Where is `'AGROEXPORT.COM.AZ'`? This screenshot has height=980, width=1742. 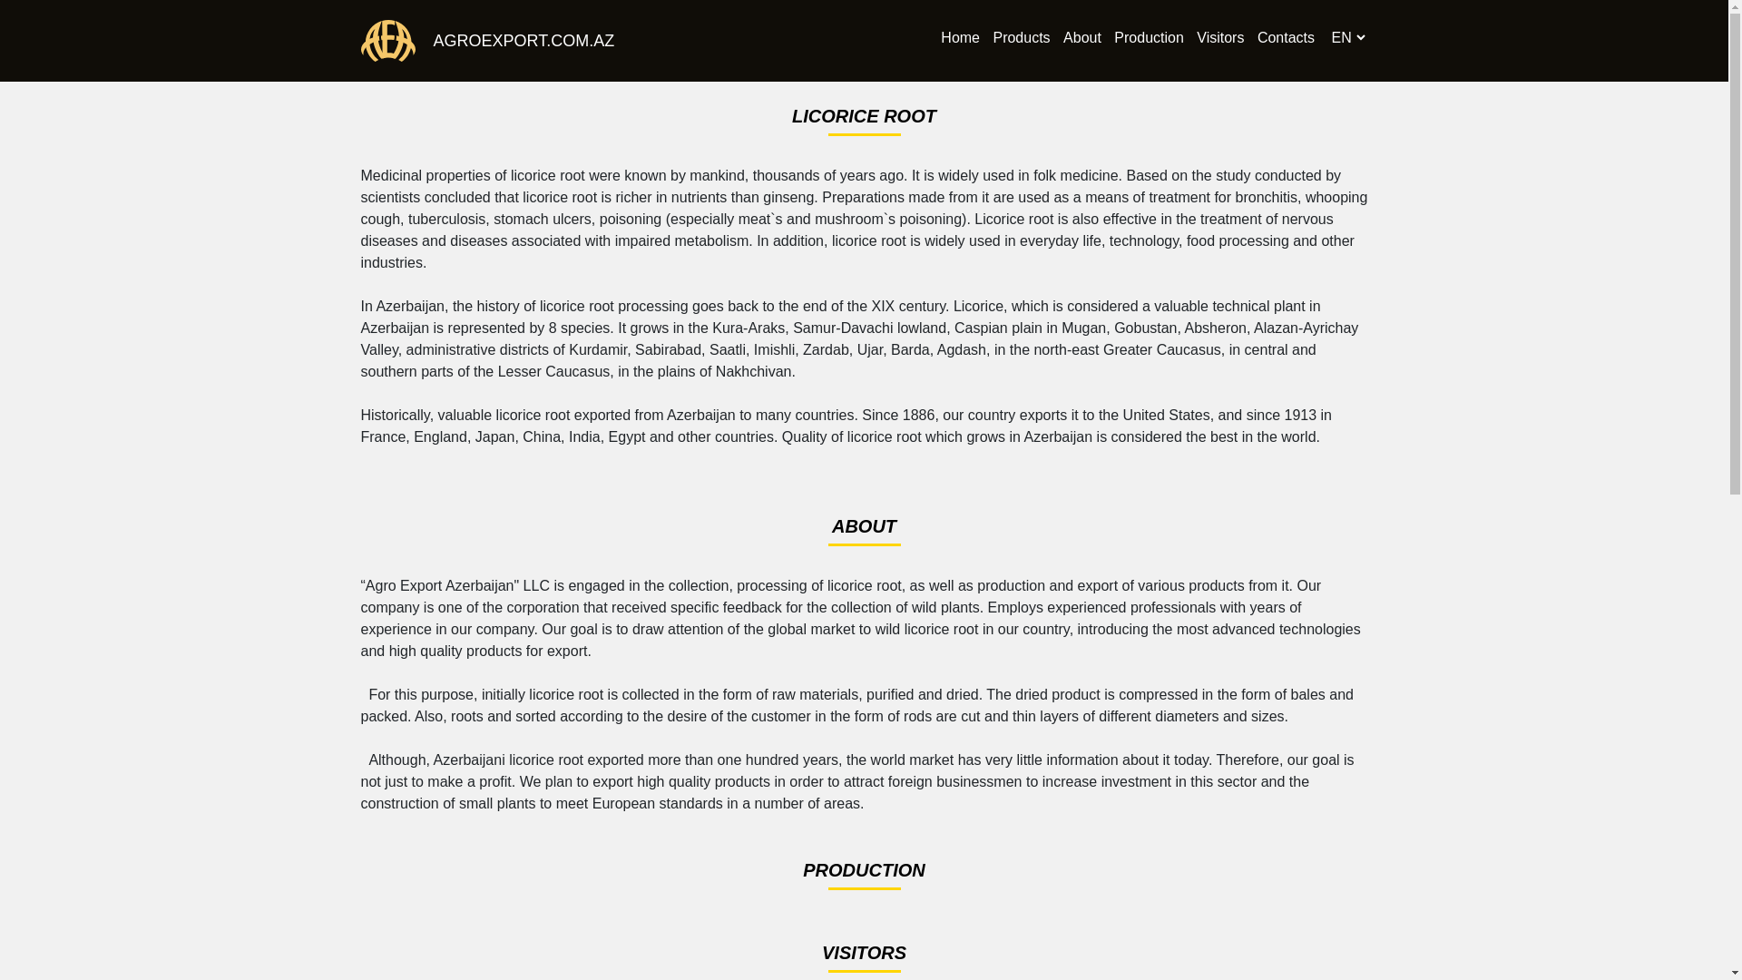 'AGROEXPORT.COM.AZ' is located at coordinates (514, 41).